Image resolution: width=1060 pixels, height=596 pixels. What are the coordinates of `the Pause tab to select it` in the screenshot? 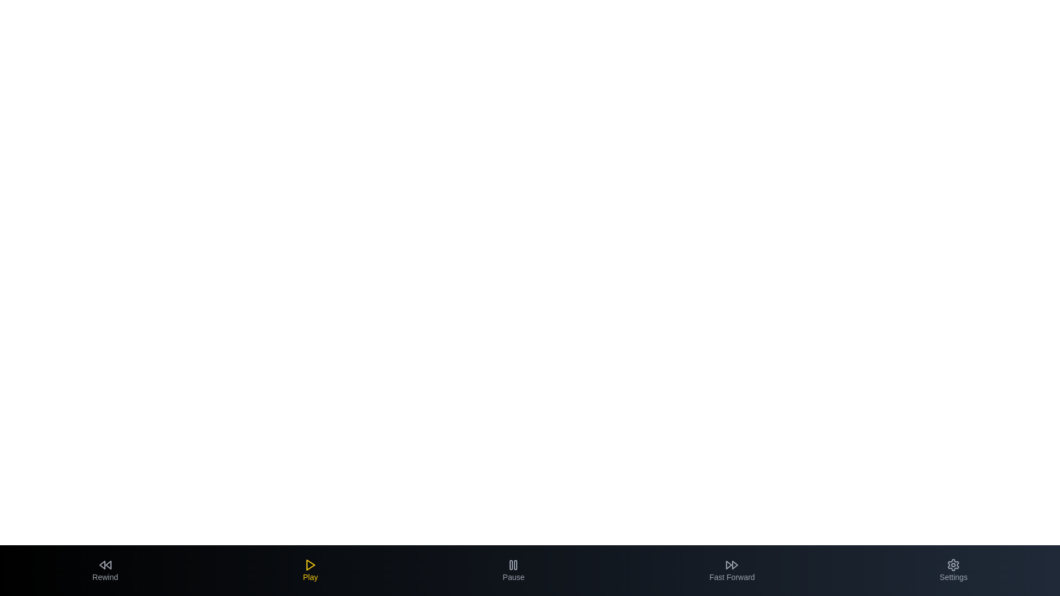 It's located at (513, 570).